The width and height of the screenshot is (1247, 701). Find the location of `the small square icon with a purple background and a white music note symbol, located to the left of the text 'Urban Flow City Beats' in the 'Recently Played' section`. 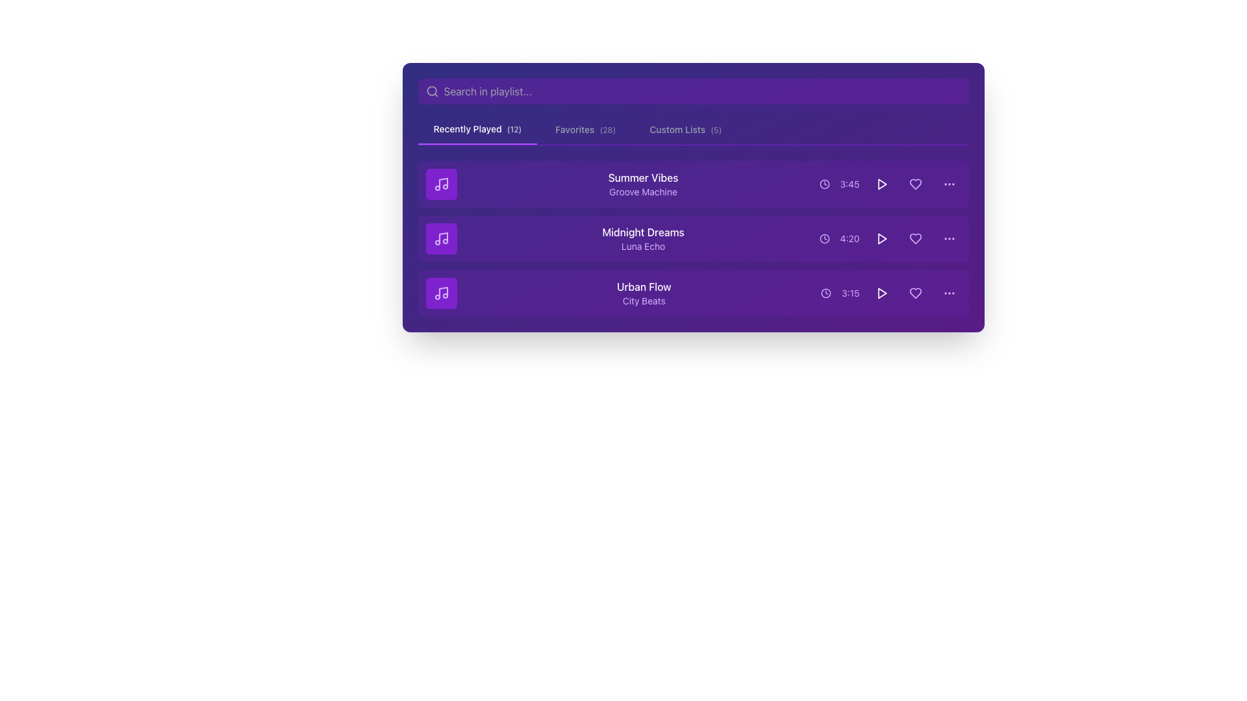

the small square icon with a purple background and a white music note symbol, located to the left of the text 'Urban Flow City Beats' in the 'Recently Played' section is located at coordinates (441, 293).